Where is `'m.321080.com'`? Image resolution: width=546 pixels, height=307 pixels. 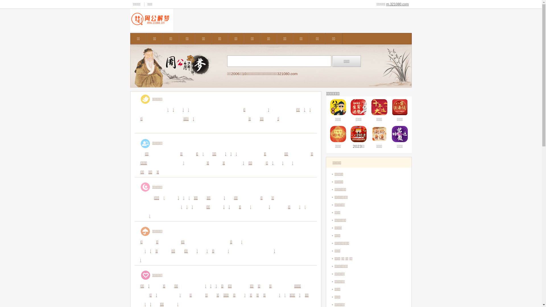
'm.321080.com' is located at coordinates (386, 4).